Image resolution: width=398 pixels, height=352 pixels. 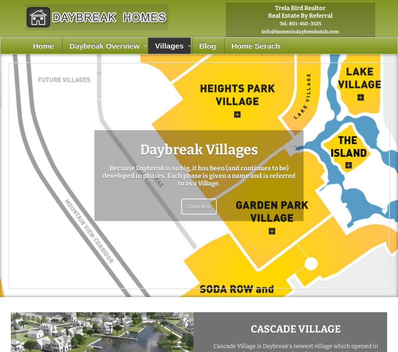 What do you see at coordinates (43, 45) in the screenshot?
I see `'Home'` at bounding box center [43, 45].